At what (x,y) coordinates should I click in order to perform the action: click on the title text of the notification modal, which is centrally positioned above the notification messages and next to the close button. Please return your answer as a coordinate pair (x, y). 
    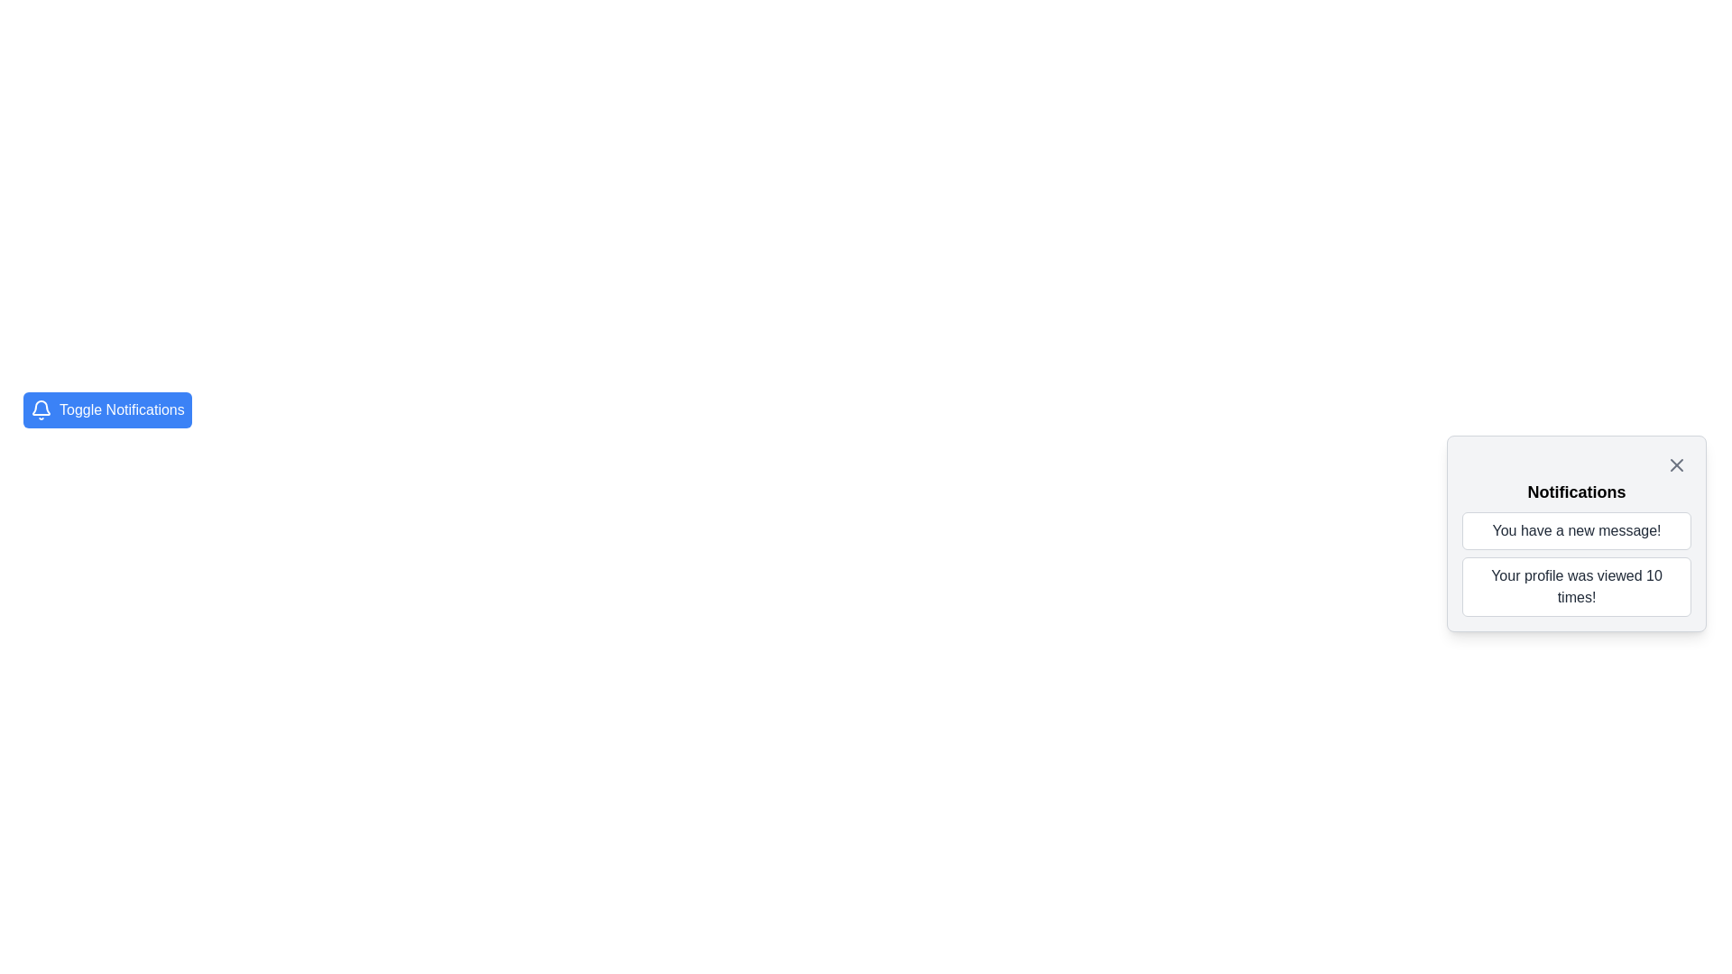
    Looking at the image, I should click on (1575, 492).